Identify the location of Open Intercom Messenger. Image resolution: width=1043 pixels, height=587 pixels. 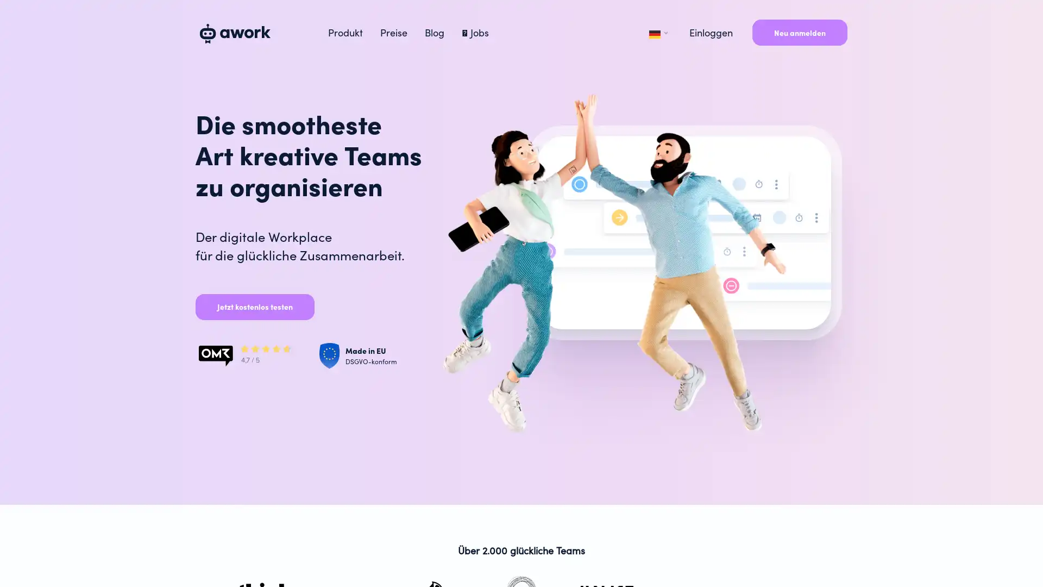
(1015, 559).